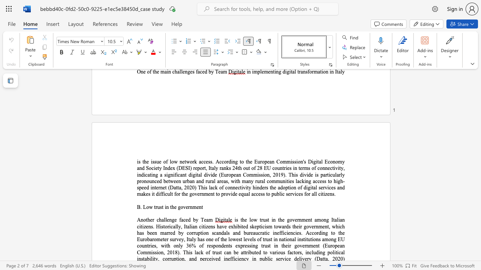 The width and height of the screenshot is (481, 270). I want to click on the 1th character "e" in the text, so click(175, 207).